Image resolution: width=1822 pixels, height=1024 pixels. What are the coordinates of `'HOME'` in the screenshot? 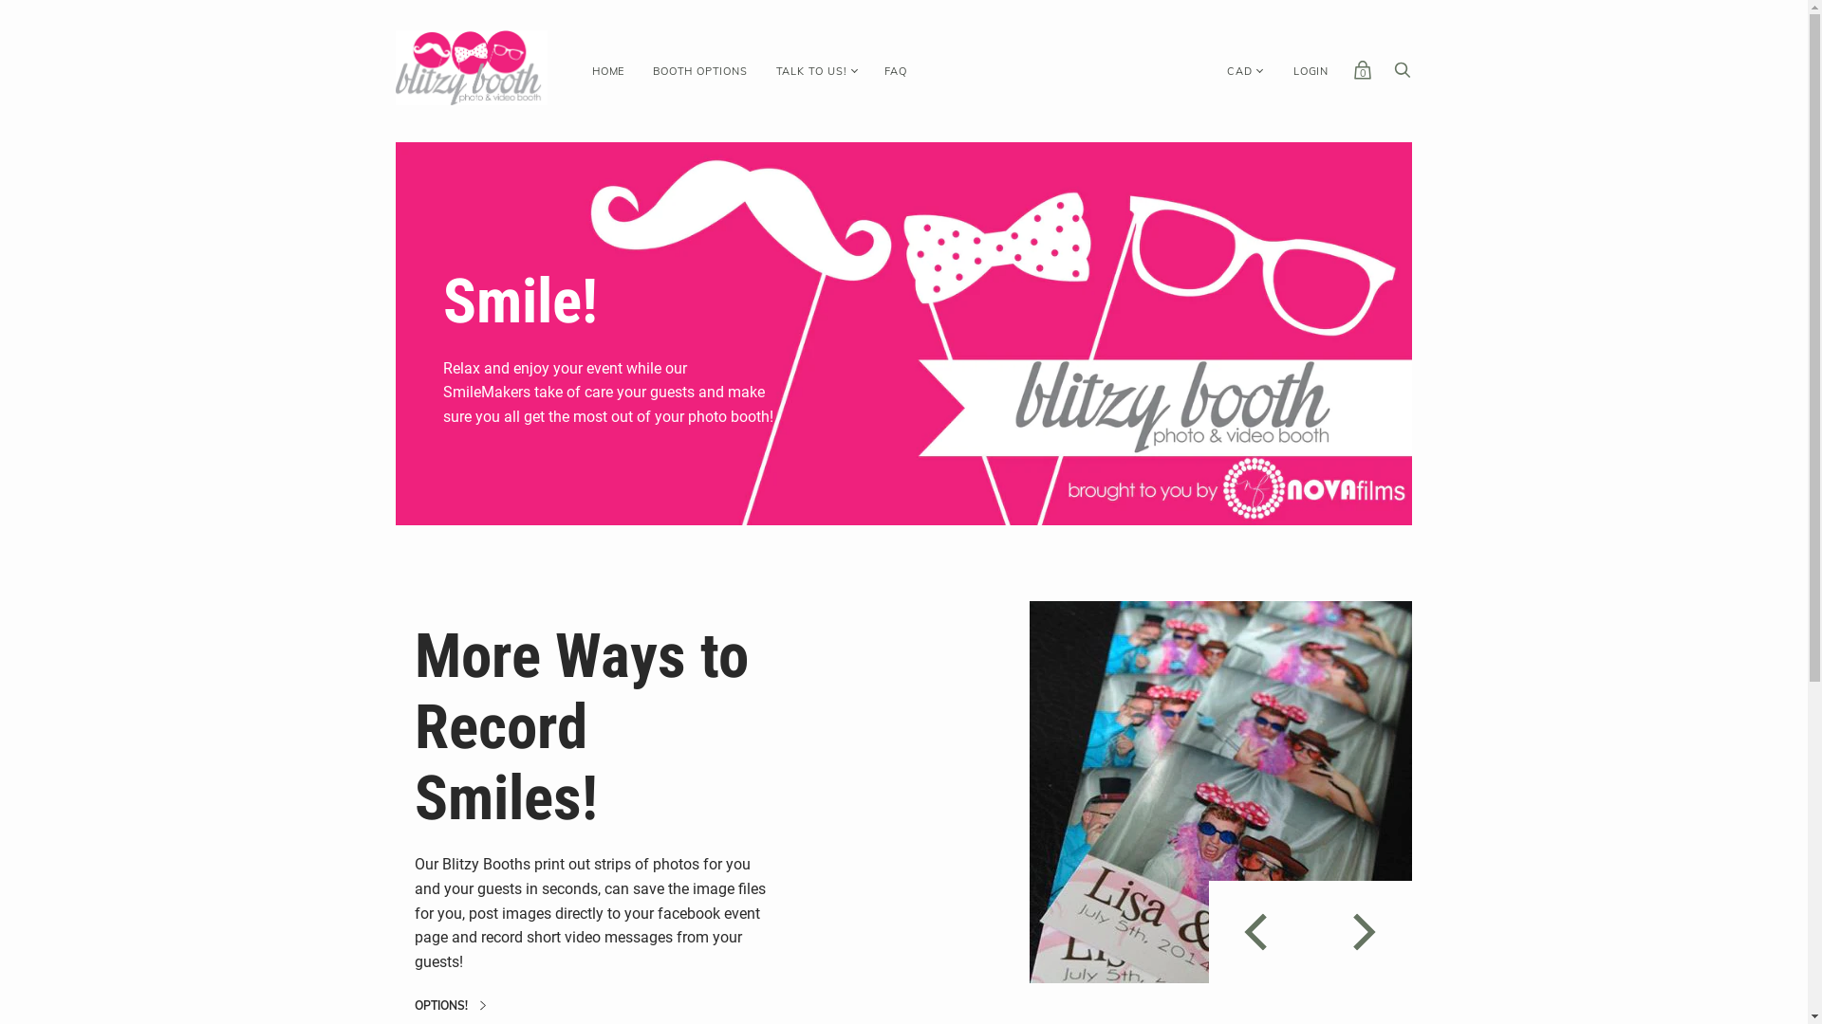 It's located at (577, 70).